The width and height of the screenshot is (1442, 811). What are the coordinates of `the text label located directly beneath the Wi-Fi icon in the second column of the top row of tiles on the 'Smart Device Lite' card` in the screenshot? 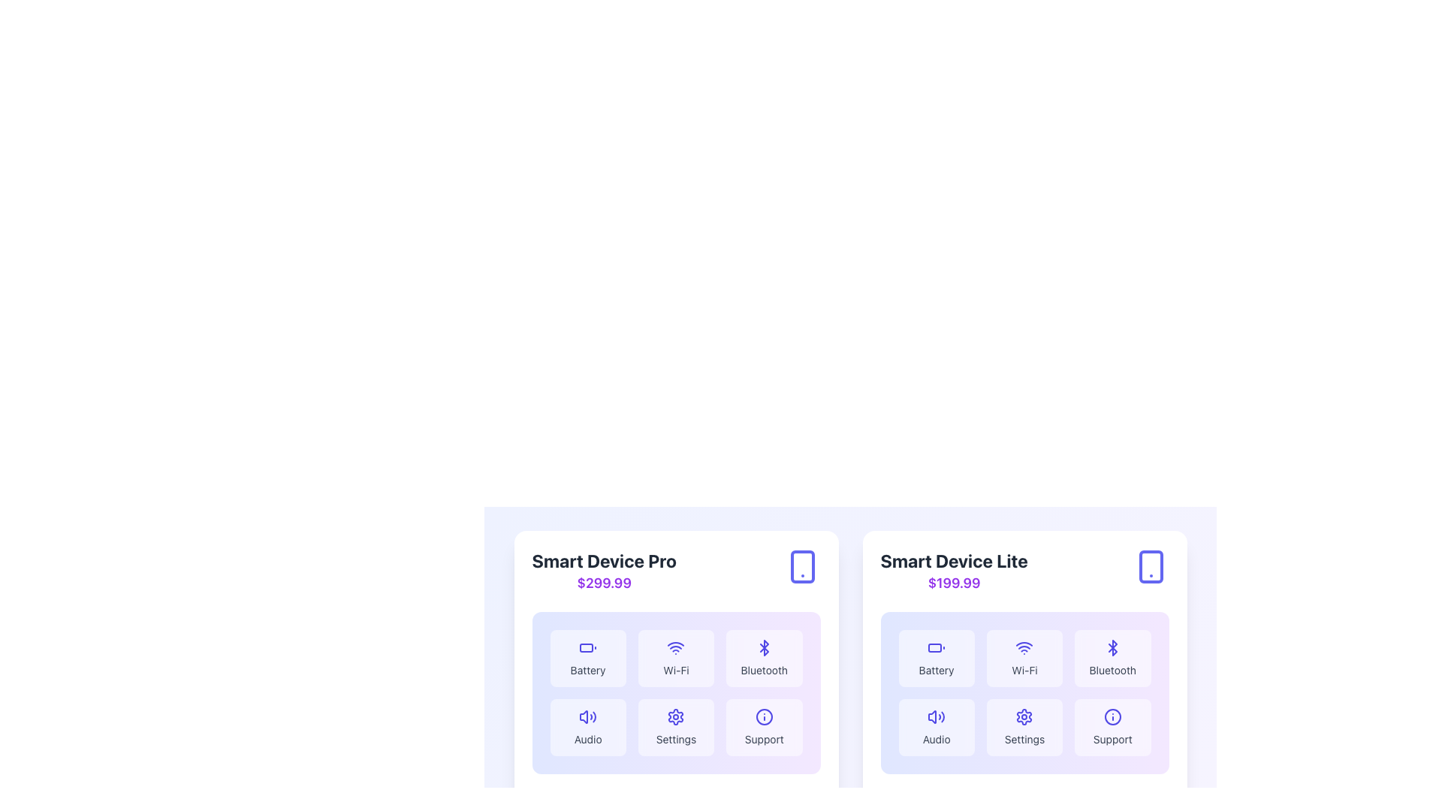 It's located at (1024, 670).